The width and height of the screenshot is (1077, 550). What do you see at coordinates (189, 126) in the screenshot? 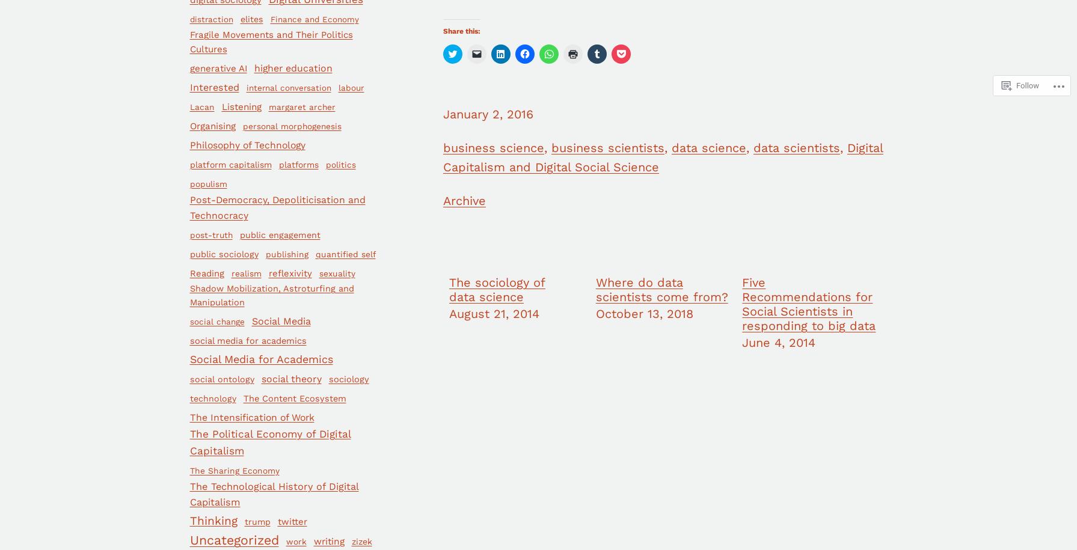
I see `'Organising'` at bounding box center [189, 126].